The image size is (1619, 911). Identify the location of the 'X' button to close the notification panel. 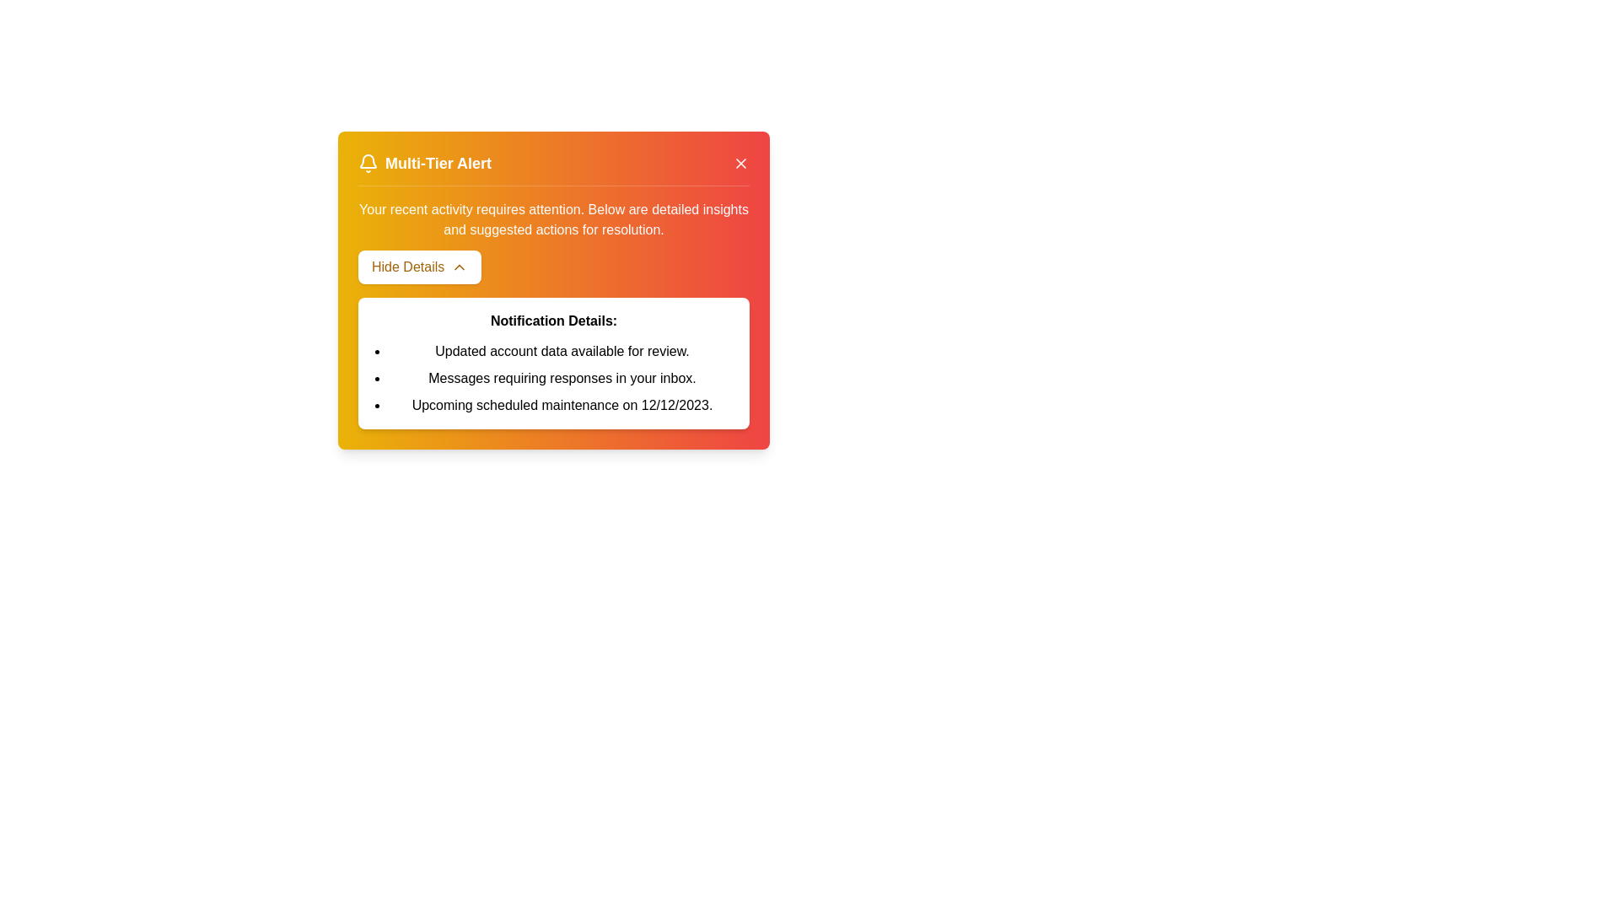
(740, 163).